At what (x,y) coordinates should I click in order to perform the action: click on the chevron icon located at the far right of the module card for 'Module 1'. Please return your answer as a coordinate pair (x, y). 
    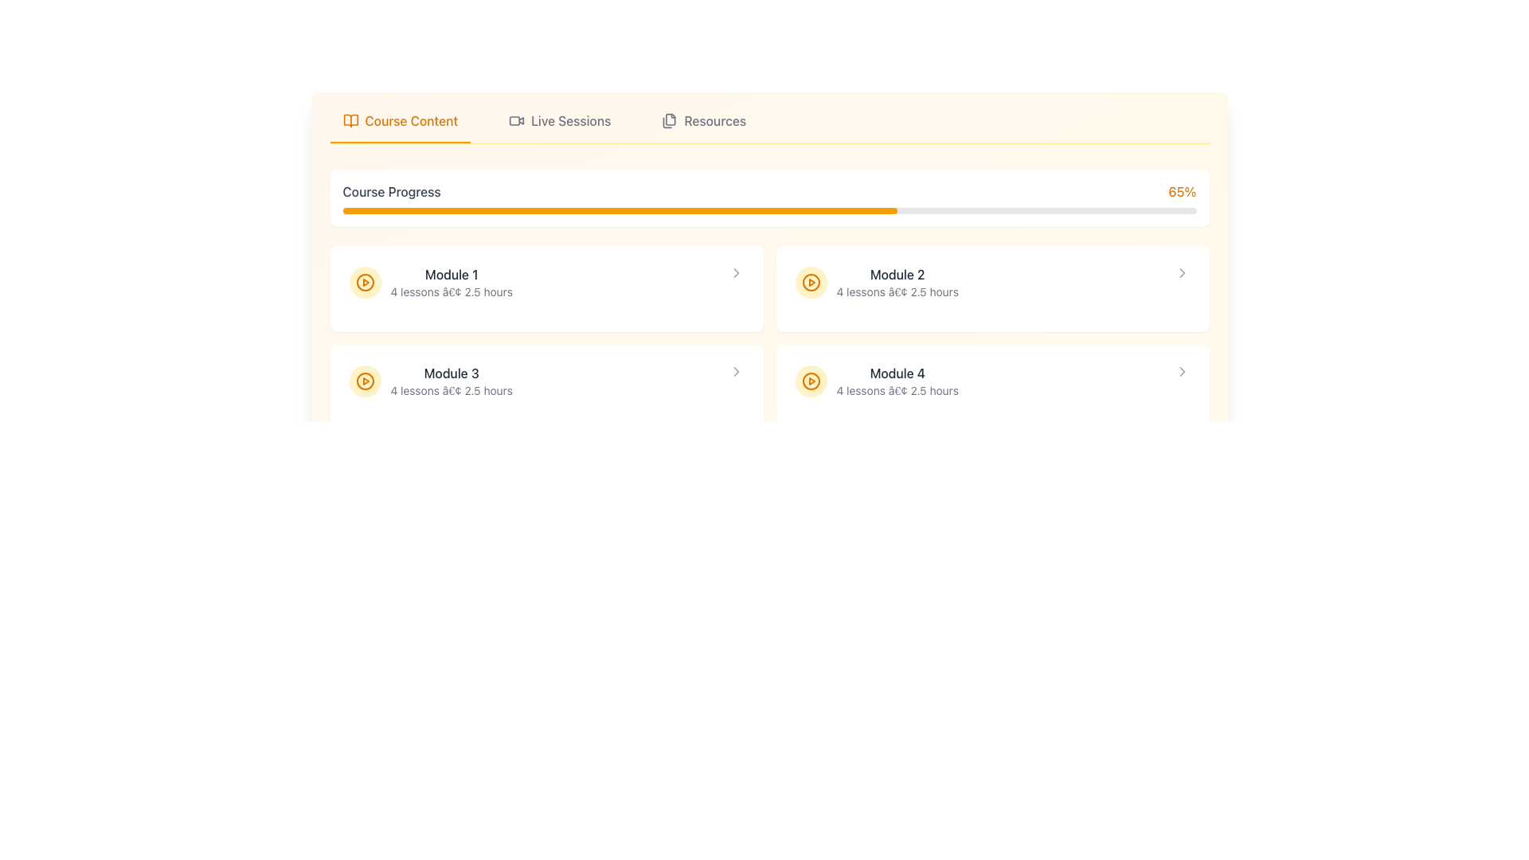
    Looking at the image, I should click on (735, 272).